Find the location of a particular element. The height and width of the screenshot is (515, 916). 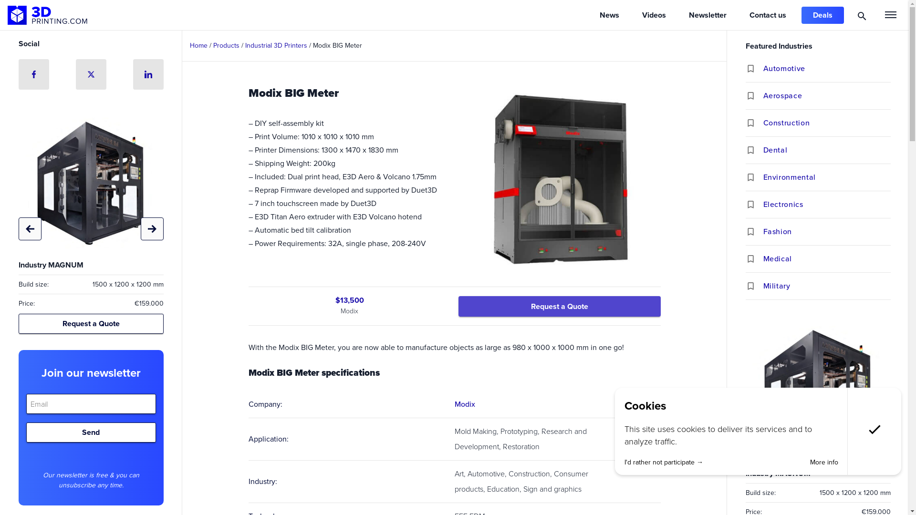

'Environmental' is located at coordinates (762, 177).